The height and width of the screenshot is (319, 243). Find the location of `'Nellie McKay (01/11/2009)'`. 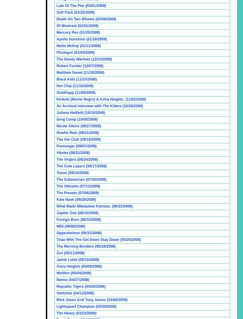

'Nellie McKay (01/11/2009)' is located at coordinates (78, 46).